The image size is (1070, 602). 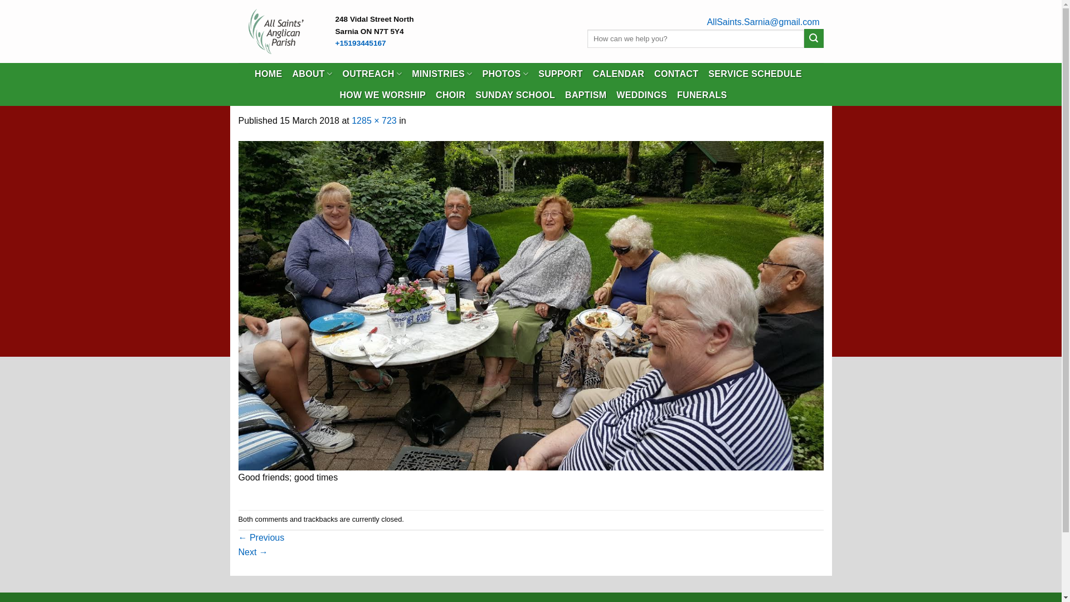 I want to click on 'MINISTRIES', so click(x=441, y=74).